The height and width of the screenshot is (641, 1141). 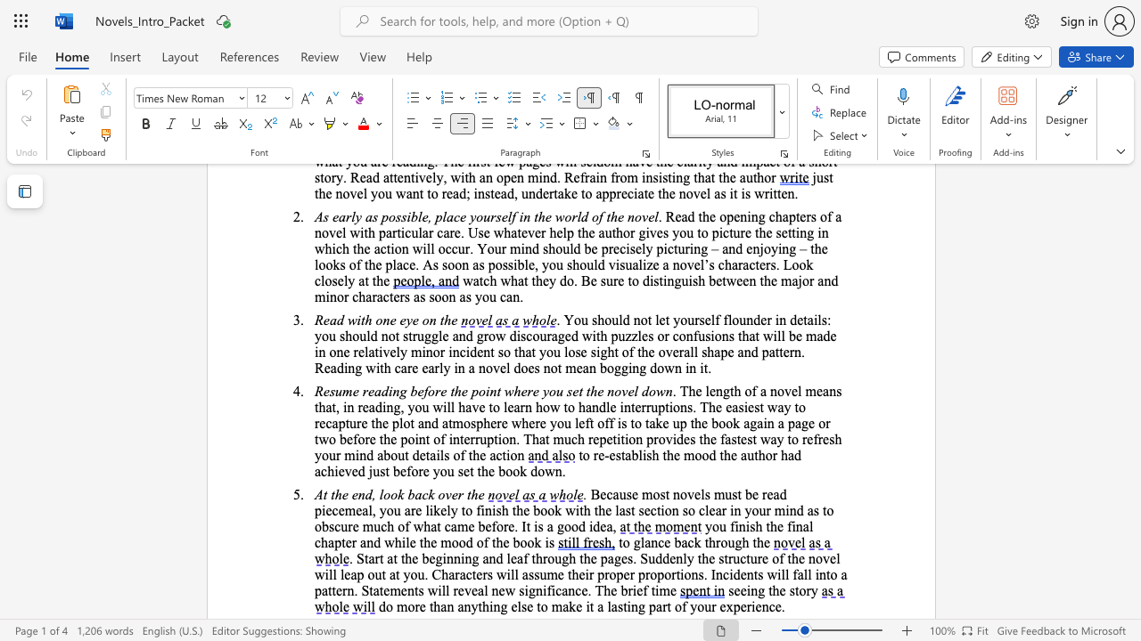 What do you see at coordinates (648, 390) in the screenshot?
I see `the subset text "ow" within the text "Resume reading before the point where you set the novel down"` at bounding box center [648, 390].